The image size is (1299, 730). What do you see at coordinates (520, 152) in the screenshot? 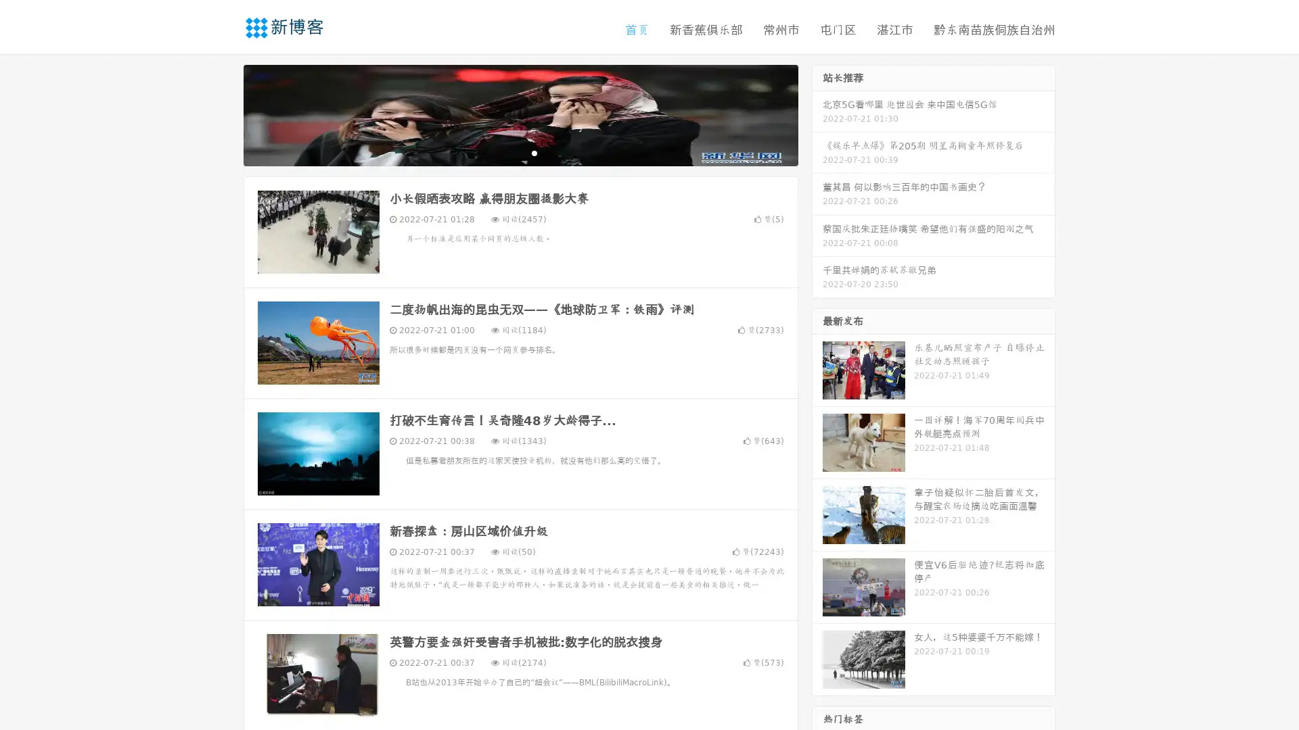
I see `Go to slide 2` at bounding box center [520, 152].